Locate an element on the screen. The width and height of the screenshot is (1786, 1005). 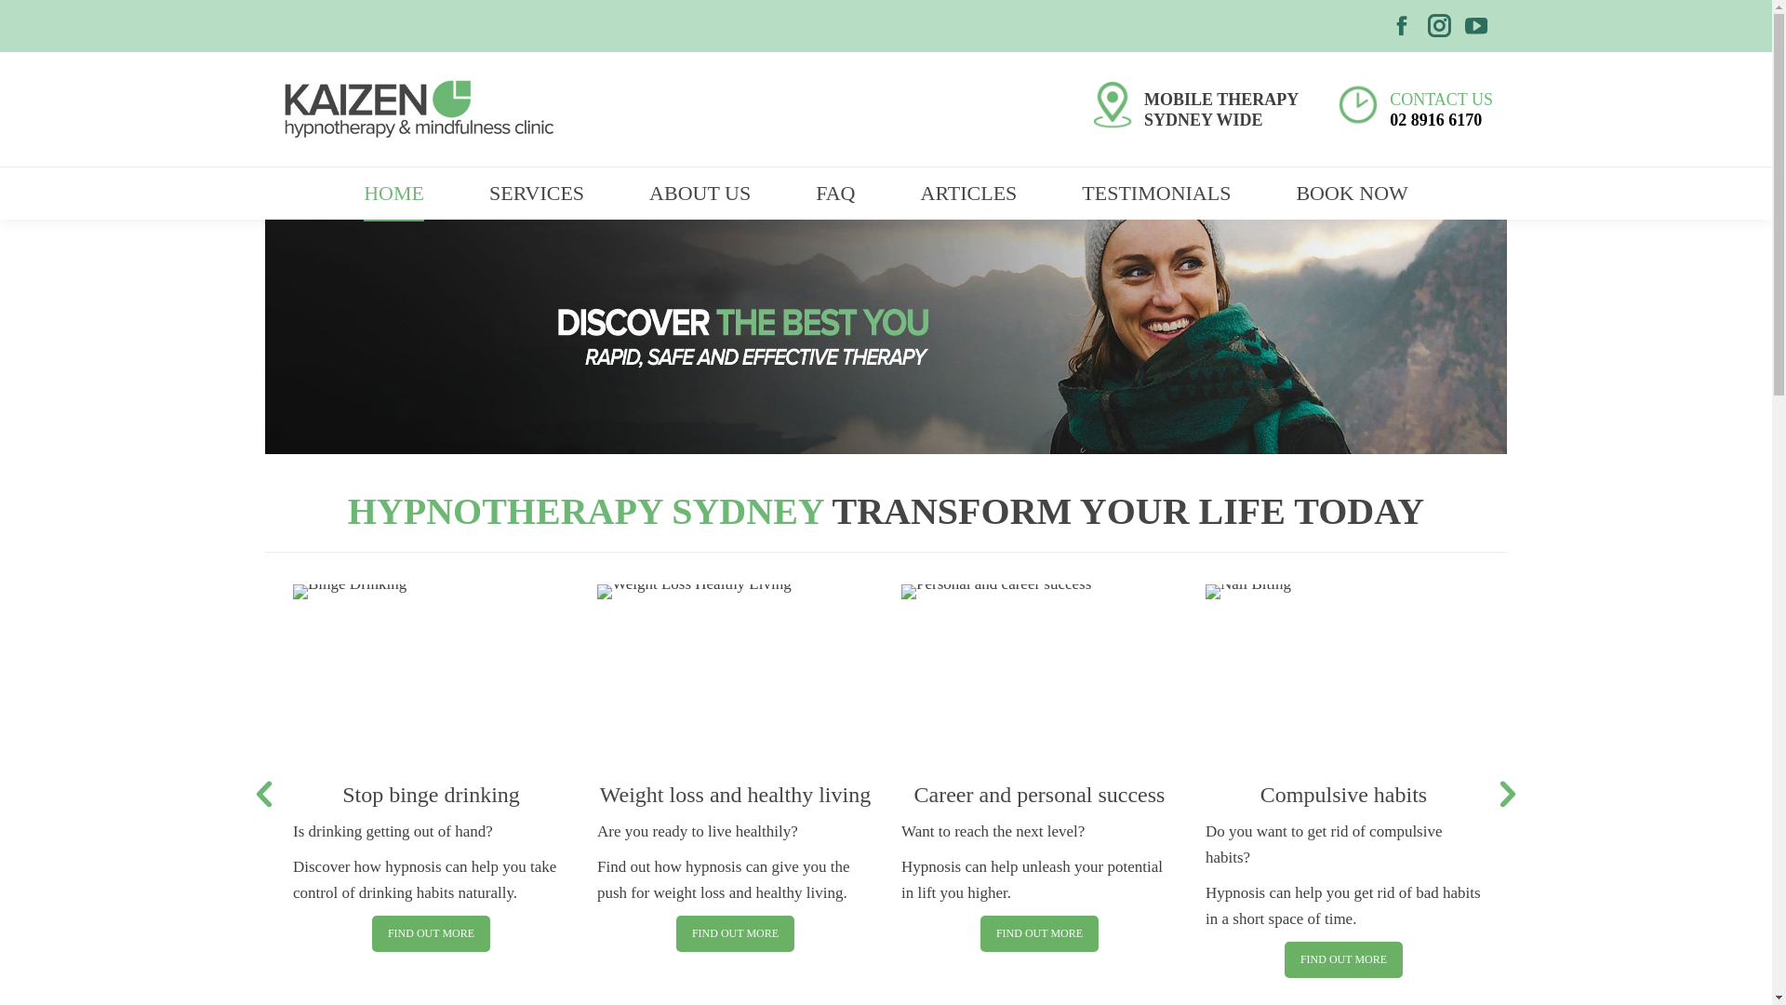
'SERVICES' is located at coordinates (456, 194).